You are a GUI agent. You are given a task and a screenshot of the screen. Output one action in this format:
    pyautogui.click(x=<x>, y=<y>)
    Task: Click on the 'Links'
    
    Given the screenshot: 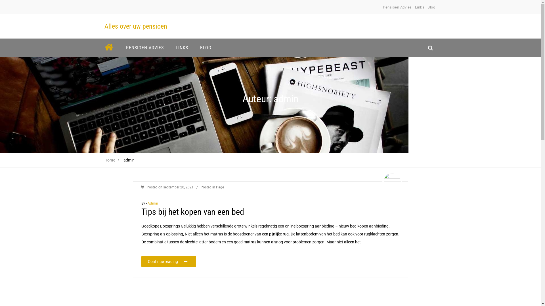 What is the action you would take?
    pyautogui.click(x=415, y=7)
    